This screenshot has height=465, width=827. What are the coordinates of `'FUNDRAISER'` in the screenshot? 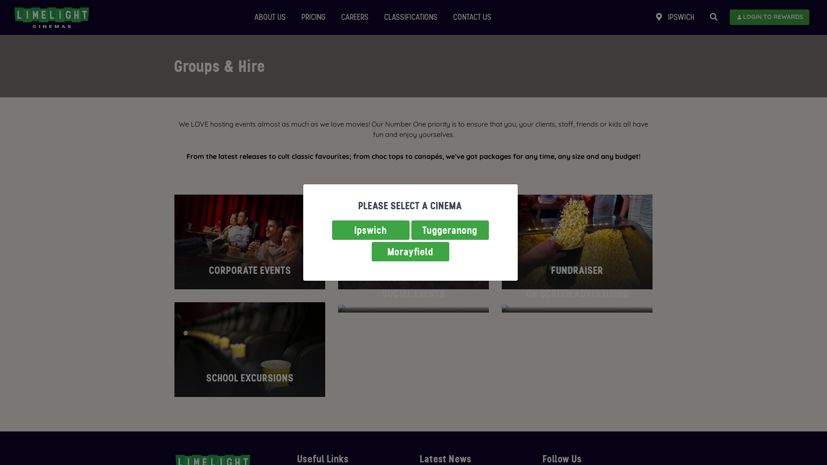 It's located at (577, 242).